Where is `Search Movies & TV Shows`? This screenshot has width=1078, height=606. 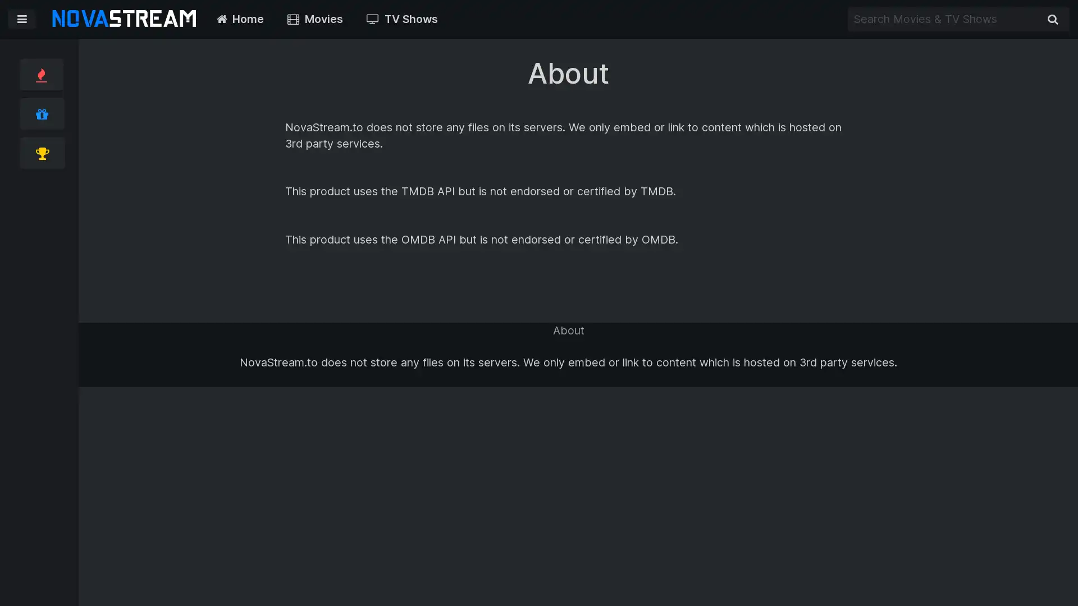 Search Movies & TV Shows is located at coordinates (1052, 19).